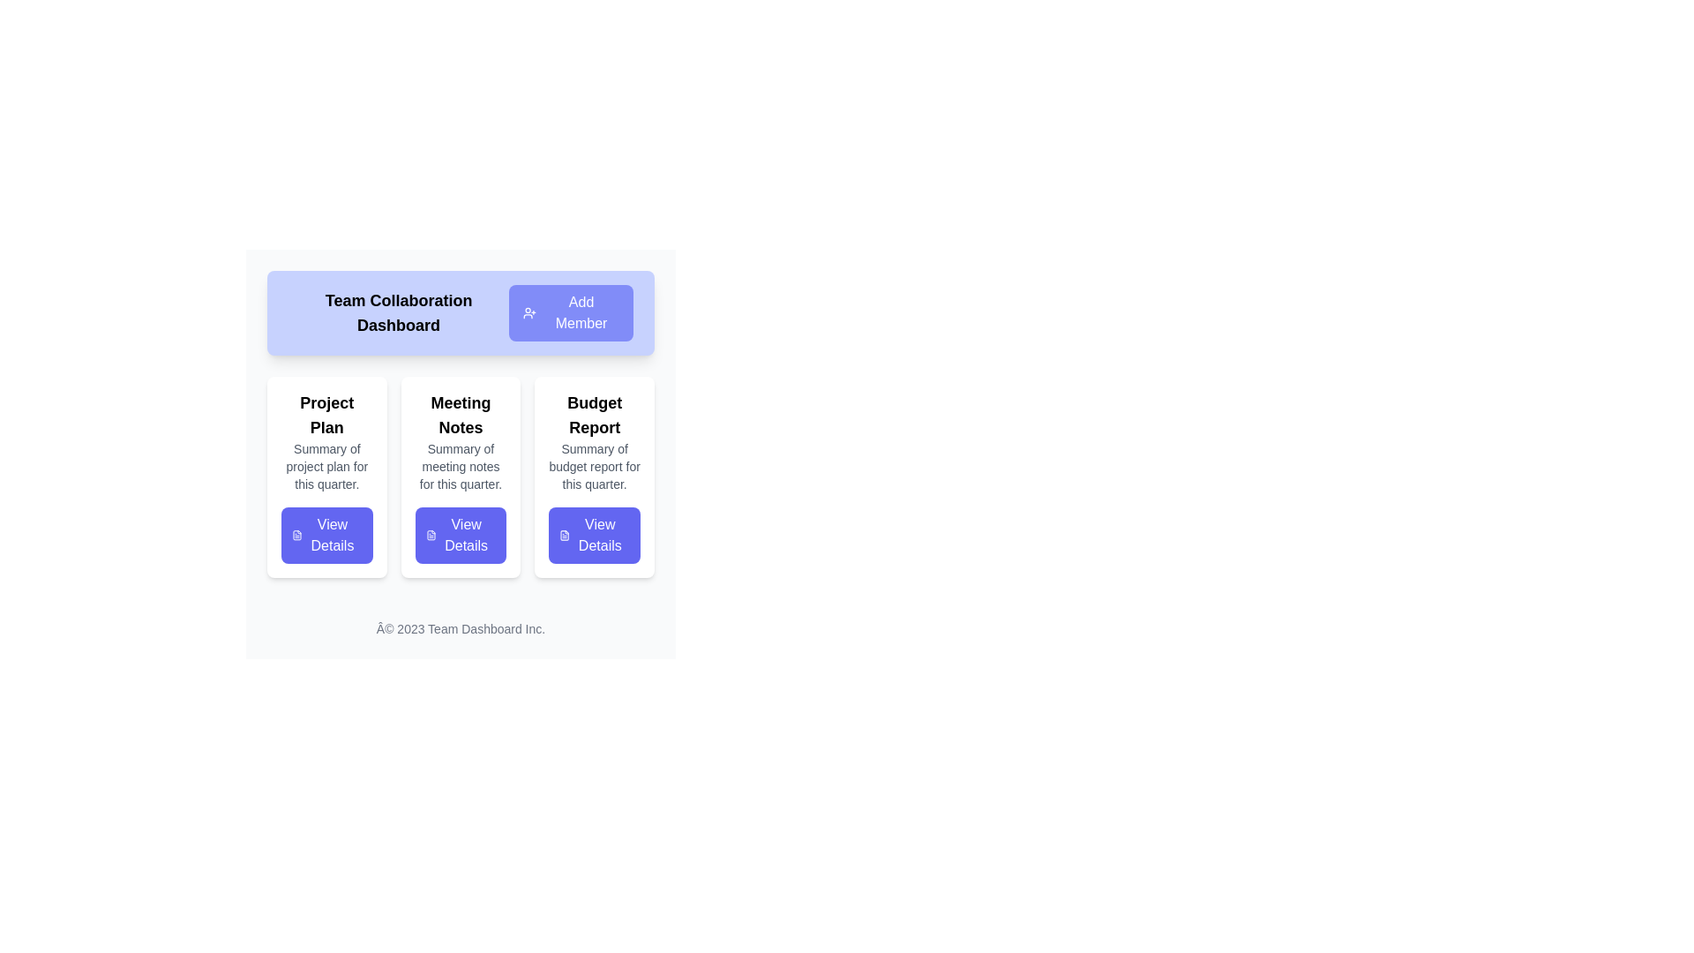 The image size is (1694, 953). What do you see at coordinates (461, 415) in the screenshot?
I see `the 'Meeting Notes' static text label, which is bold and larger, located at the top of the middle card in a three-card layout` at bounding box center [461, 415].